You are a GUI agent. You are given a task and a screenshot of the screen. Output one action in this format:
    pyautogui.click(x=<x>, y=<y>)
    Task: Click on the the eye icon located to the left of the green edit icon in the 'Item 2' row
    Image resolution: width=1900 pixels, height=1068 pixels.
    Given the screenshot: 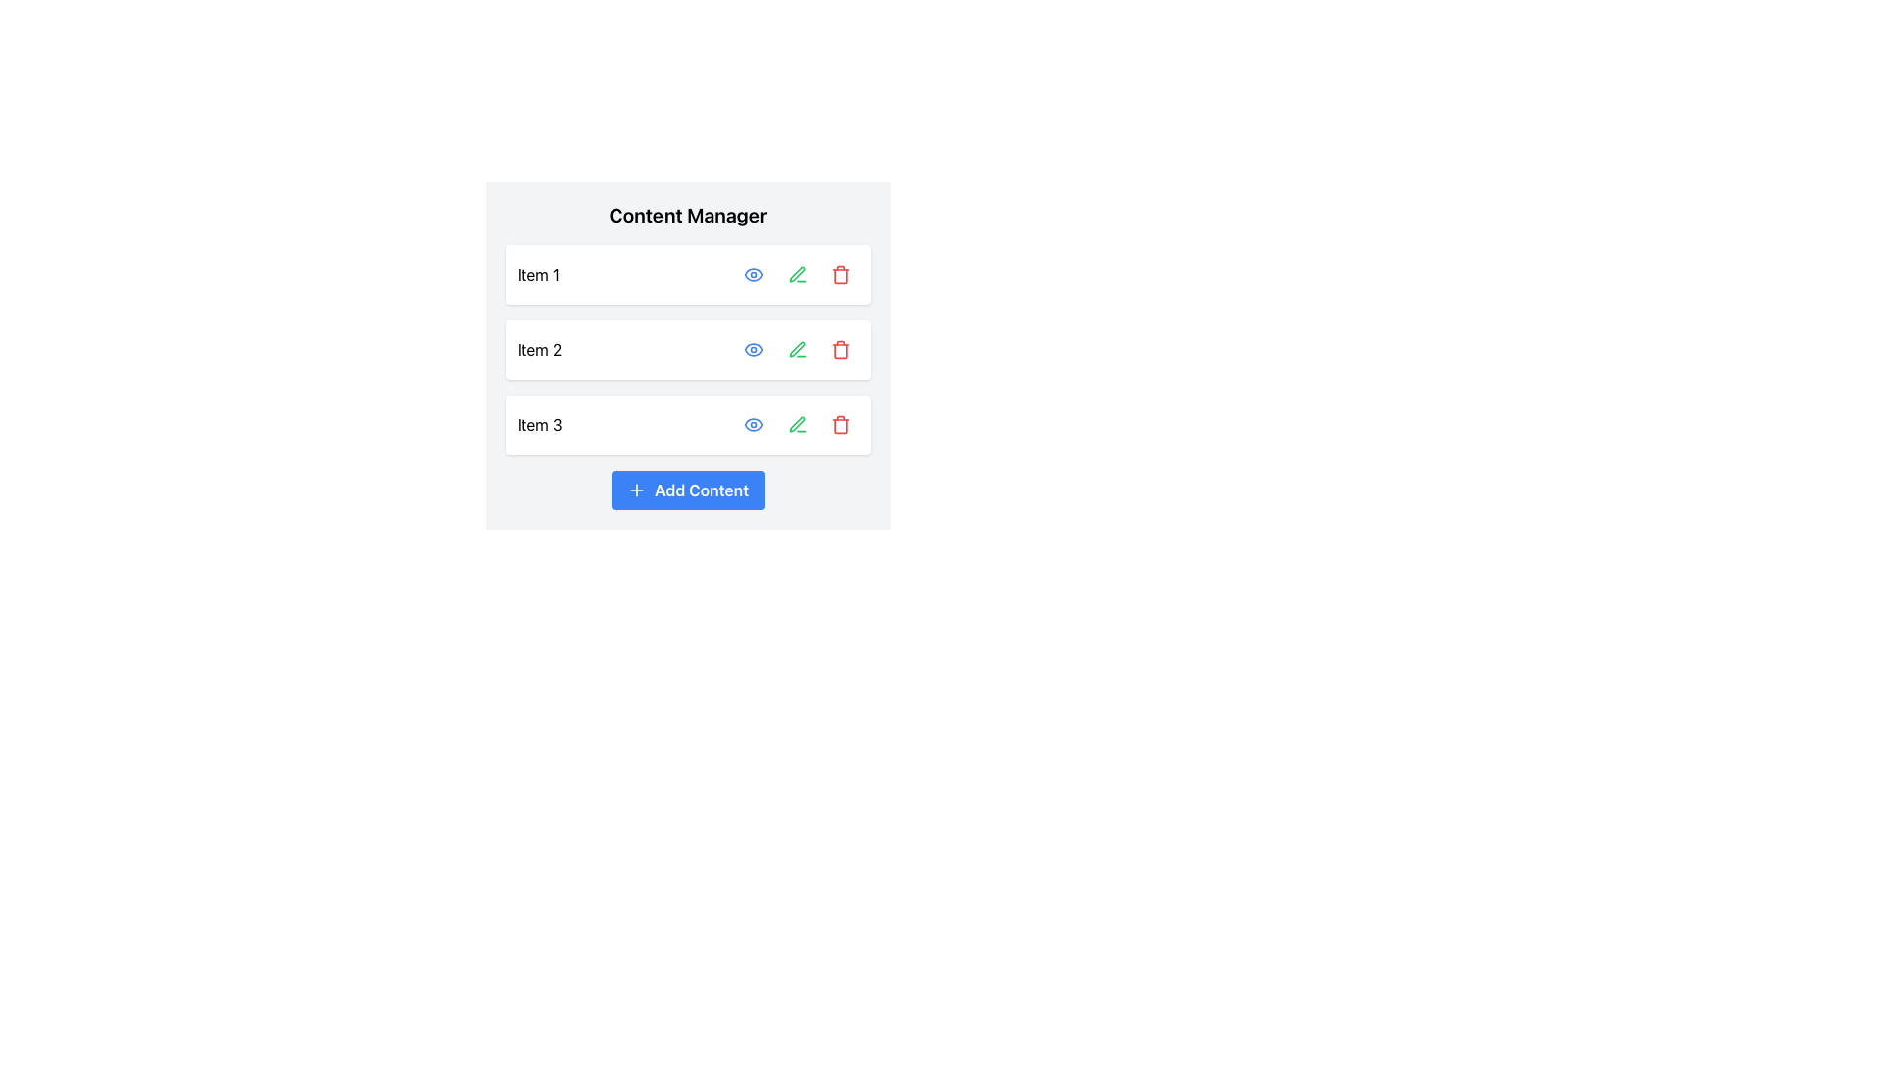 What is the action you would take?
    pyautogui.click(x=753, y=349)
    